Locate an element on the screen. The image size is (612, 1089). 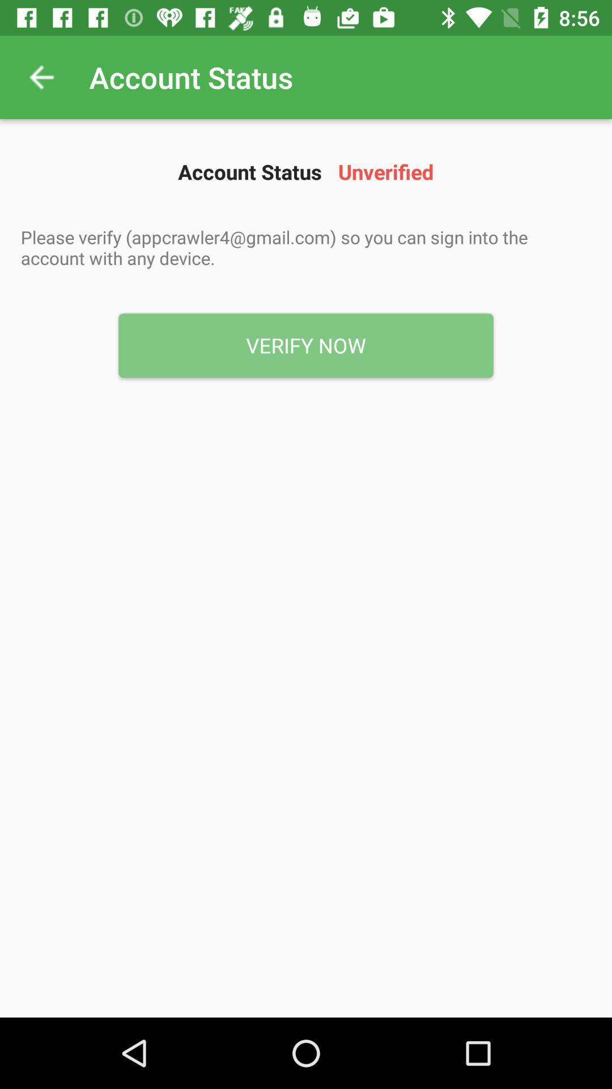
verify now item is located at coordinates (306, 345).